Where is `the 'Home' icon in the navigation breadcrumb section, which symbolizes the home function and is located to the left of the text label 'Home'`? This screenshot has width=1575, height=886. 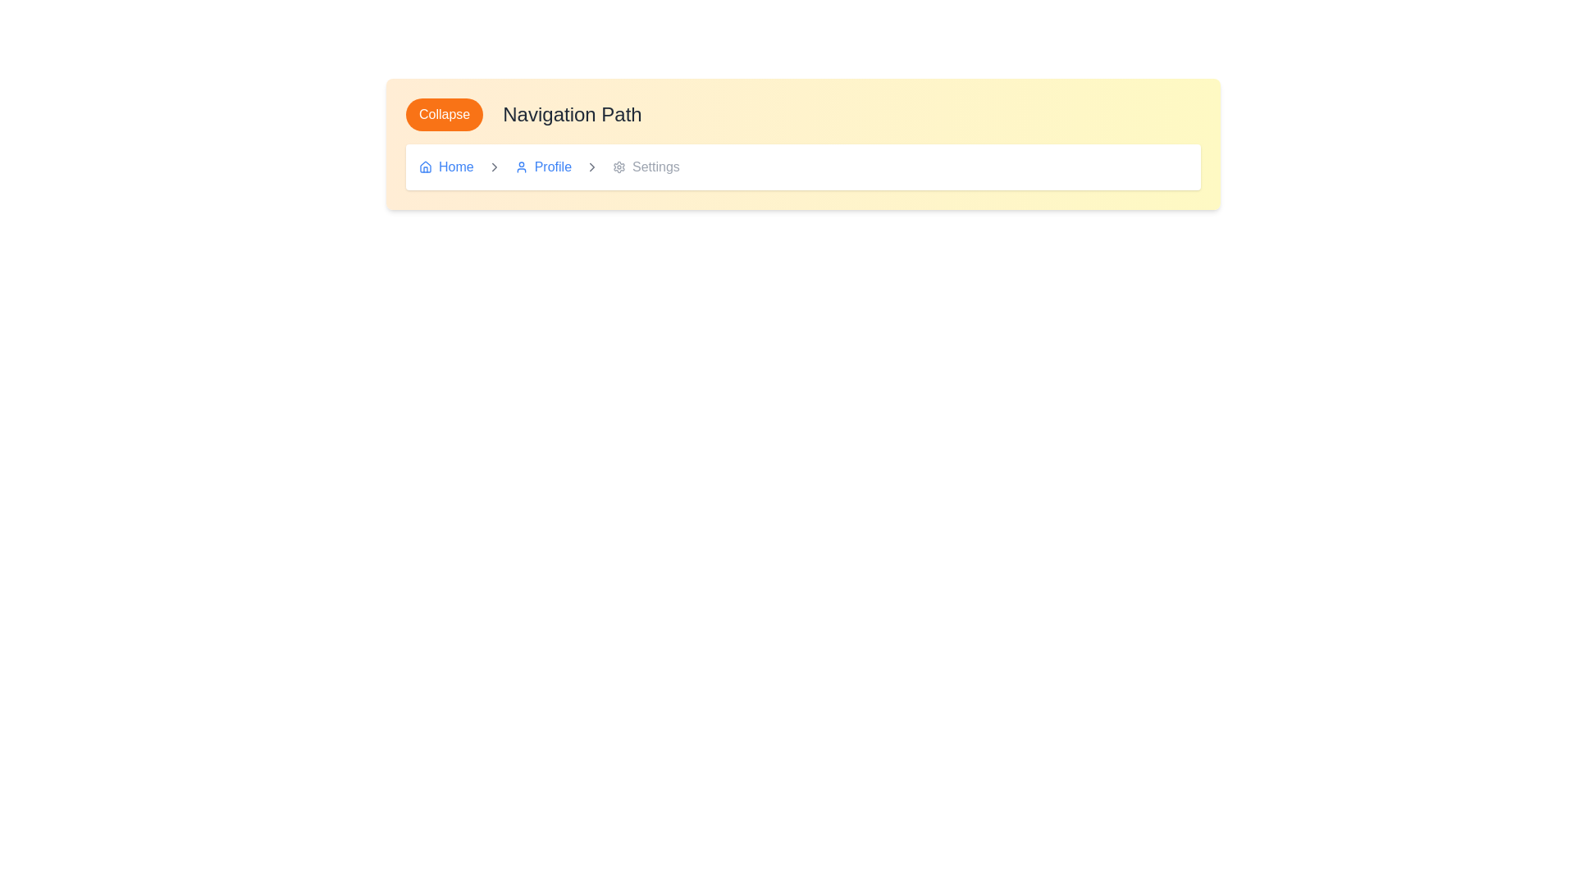
the 'Home' icon in the navigation breadcrumb section, which symbolizes the home function and is located to the left of the text label 'Home' is located at coordinates (425, 167).